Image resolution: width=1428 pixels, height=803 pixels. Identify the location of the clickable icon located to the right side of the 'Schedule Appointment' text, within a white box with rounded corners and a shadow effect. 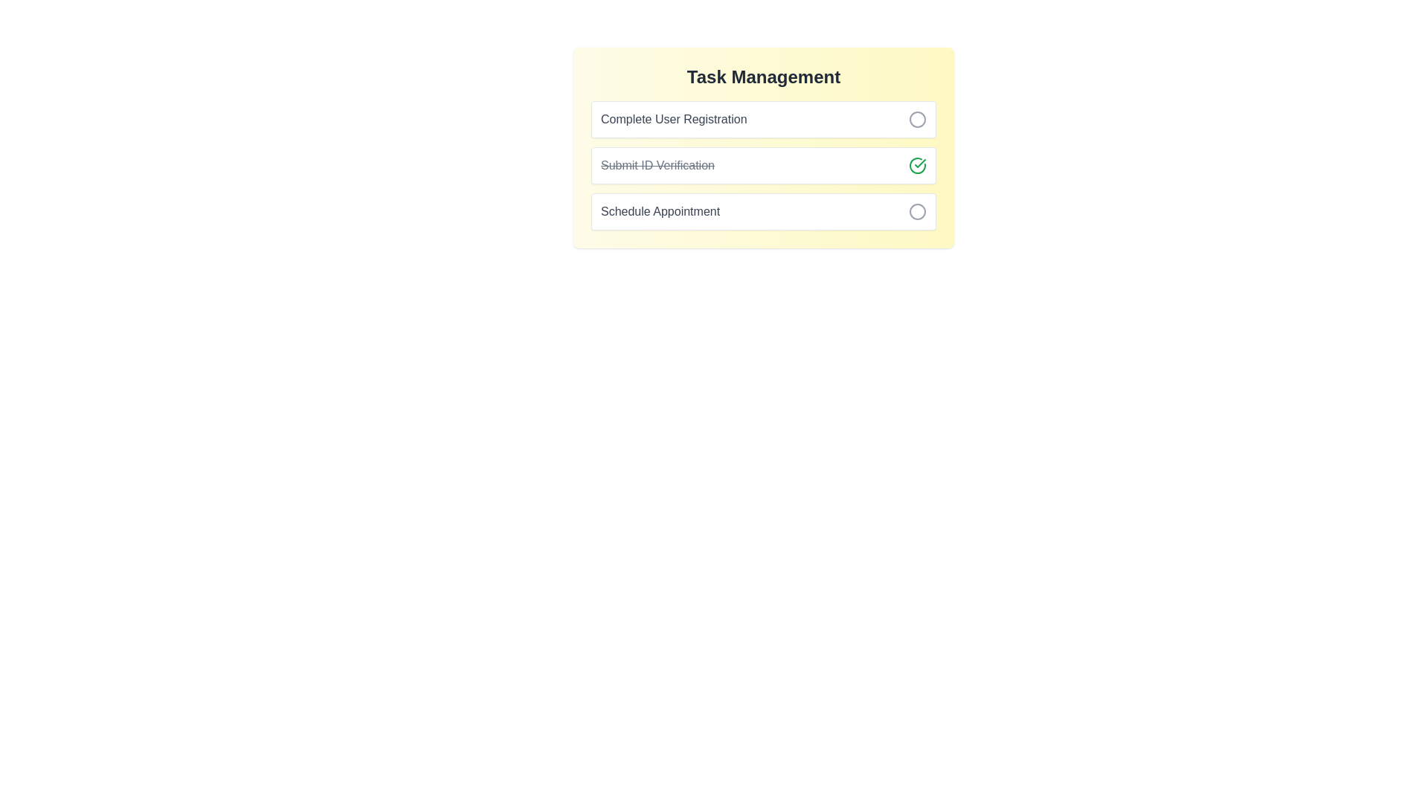
(916, 212).